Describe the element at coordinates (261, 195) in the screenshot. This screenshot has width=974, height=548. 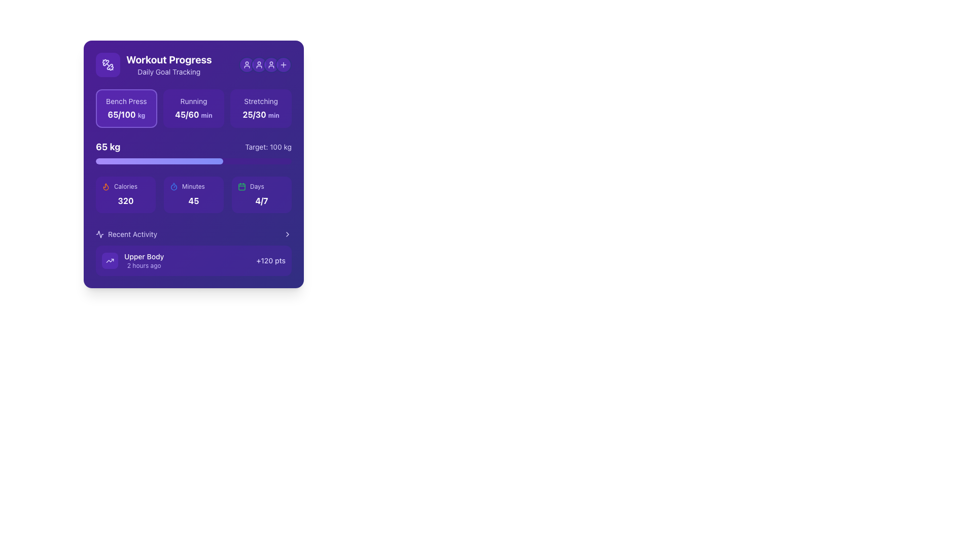
I see `the informational display with progress data that features a violet background, a green calendar icon, and the text '4/7'` at that location.